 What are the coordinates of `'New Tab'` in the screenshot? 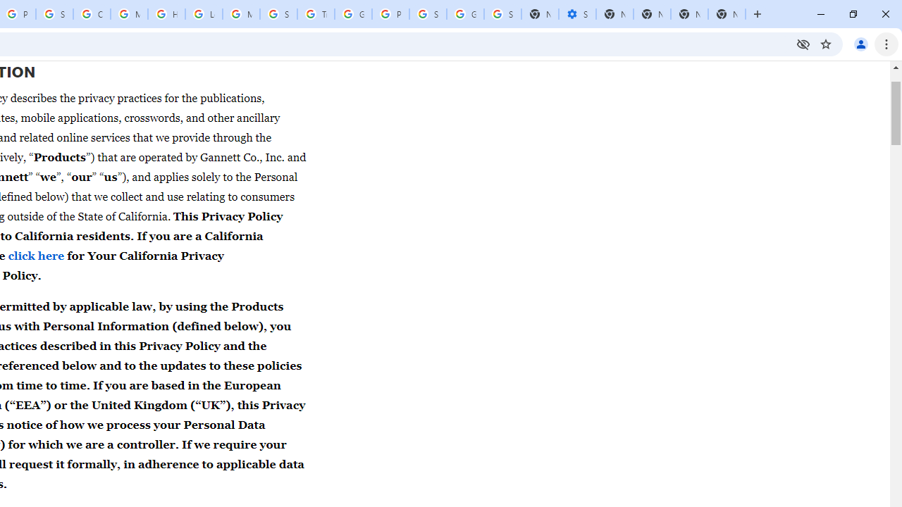 It's located at (757, 14).